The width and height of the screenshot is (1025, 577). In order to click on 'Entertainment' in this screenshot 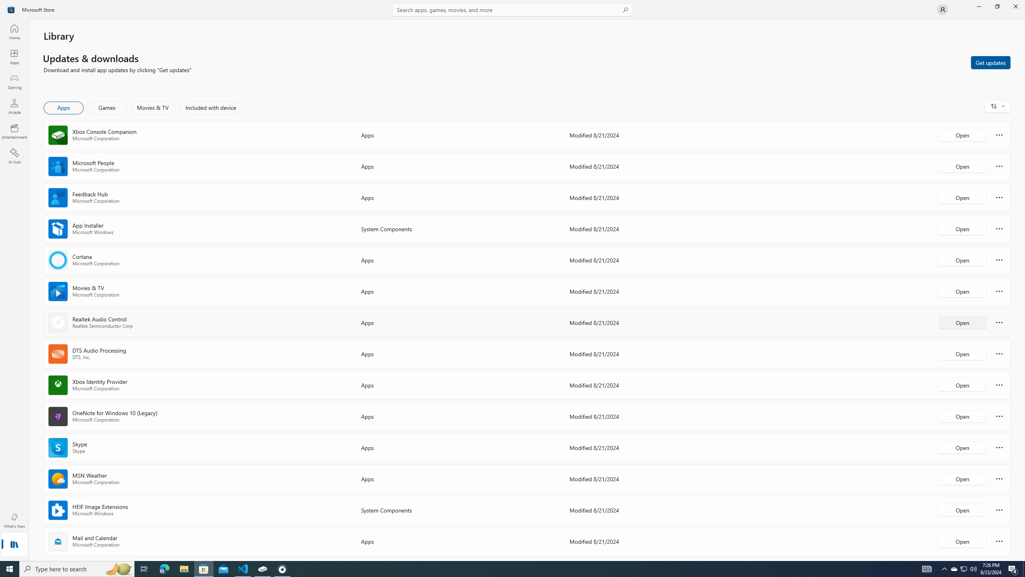, I will do `click(14, 131)`.